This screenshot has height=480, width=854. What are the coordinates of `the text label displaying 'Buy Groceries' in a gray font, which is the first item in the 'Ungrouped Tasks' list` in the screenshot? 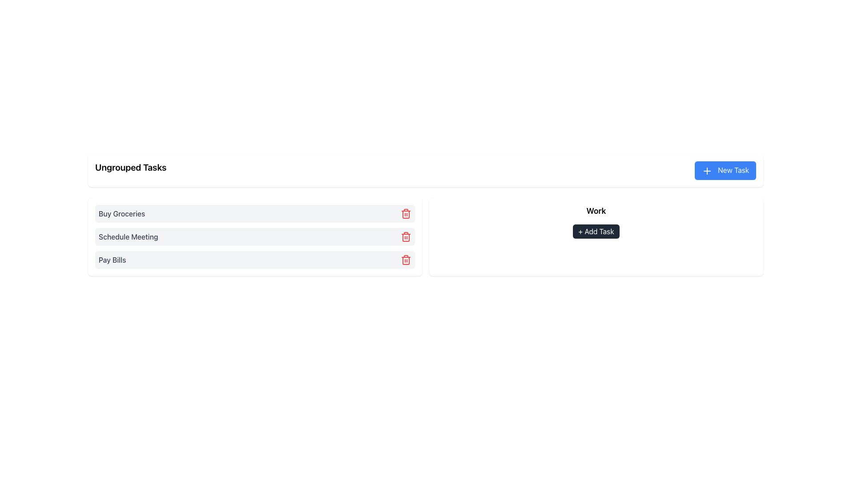 It's located at (121, 213).